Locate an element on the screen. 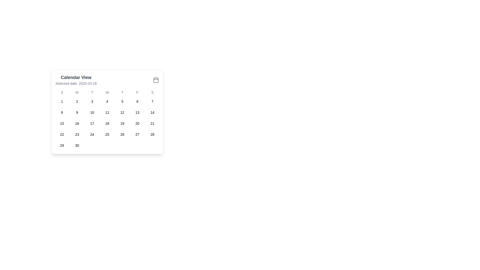 This screenshot has width=480, height=270. the calendar icon located in the top-right corner of the 'Calendar View' block, which features a gray stroke with a rectangular body and rounded corners is located at coordinates (156, 80).